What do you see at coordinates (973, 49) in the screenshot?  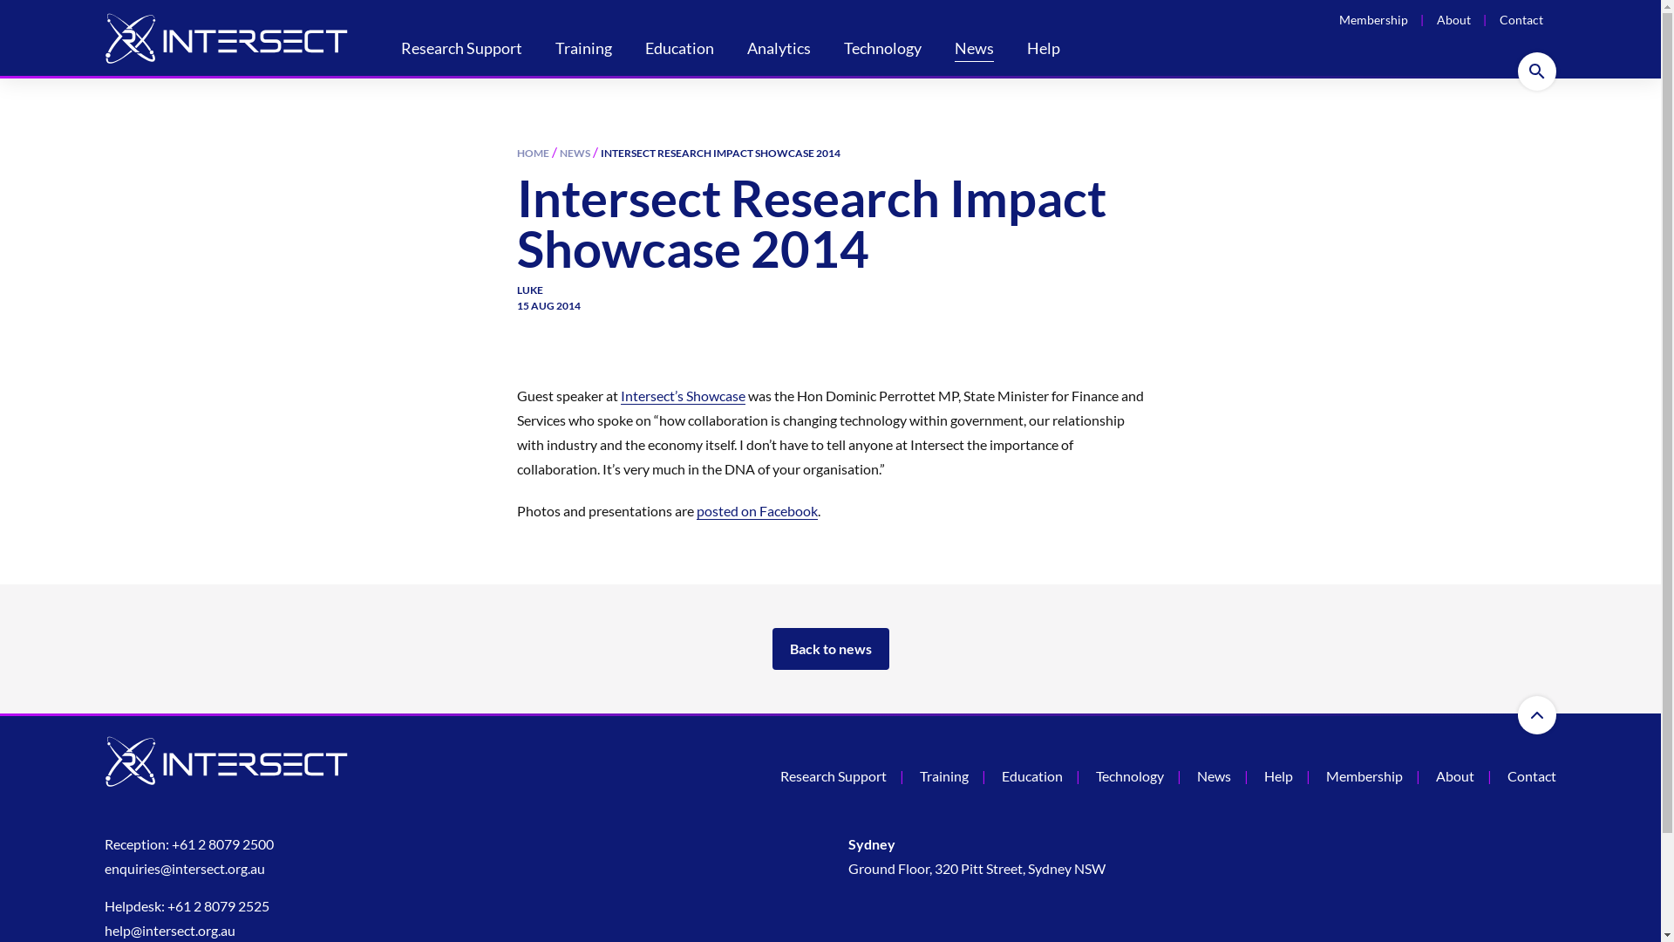 I see `'News'` at bounding box center [973, 49].